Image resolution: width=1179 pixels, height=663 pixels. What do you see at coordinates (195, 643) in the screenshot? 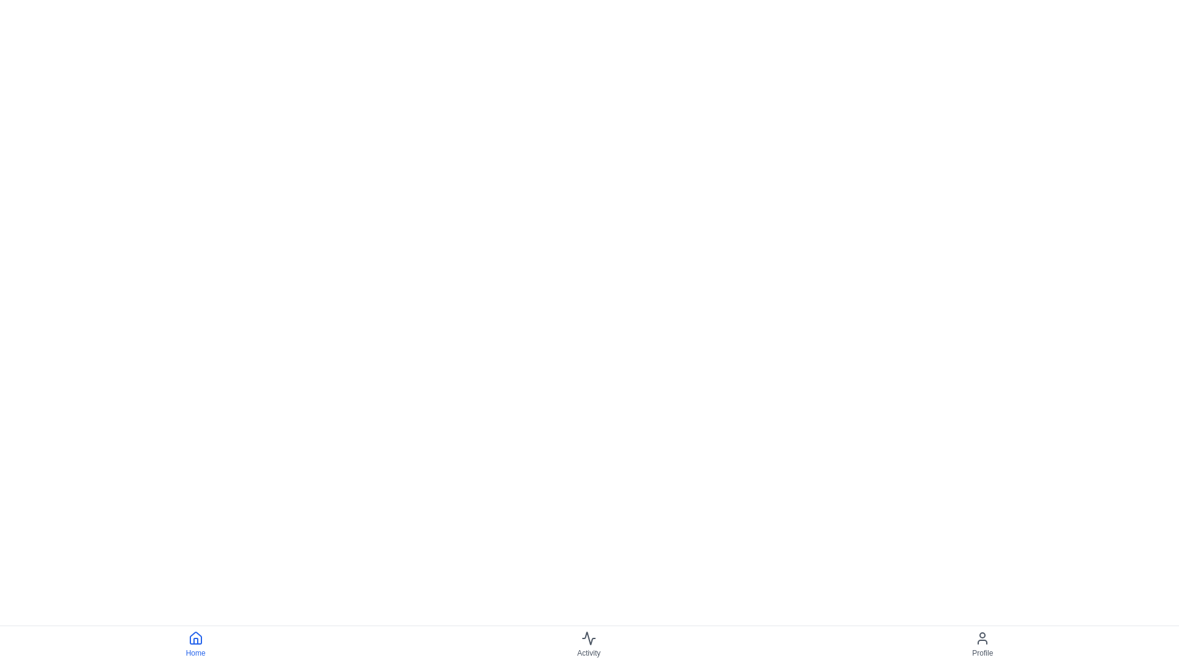
I see `the Home button to navigate to the Home section` at bounding box center [195, 643].